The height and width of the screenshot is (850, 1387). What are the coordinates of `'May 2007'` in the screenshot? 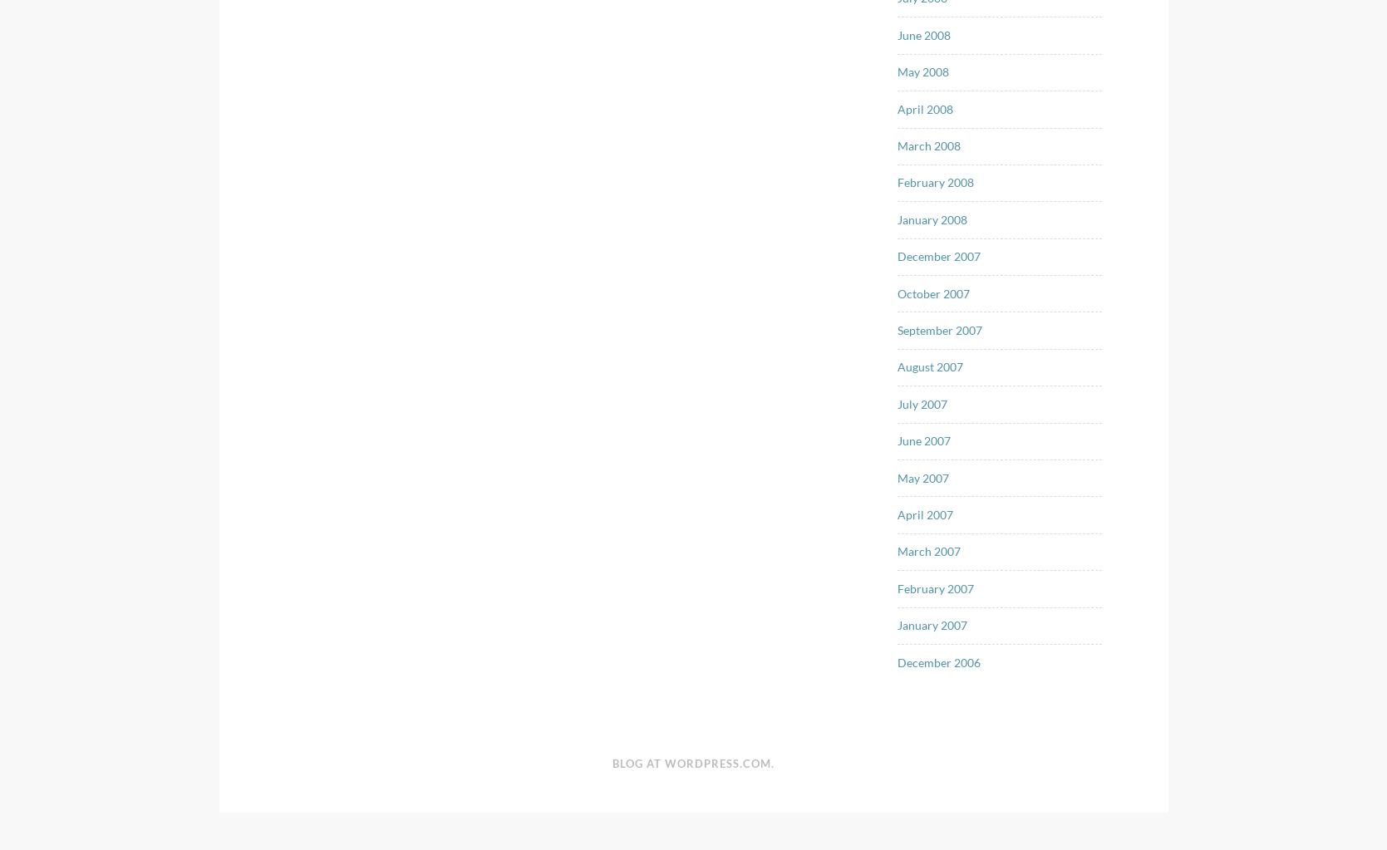 It's located at (923, 477).